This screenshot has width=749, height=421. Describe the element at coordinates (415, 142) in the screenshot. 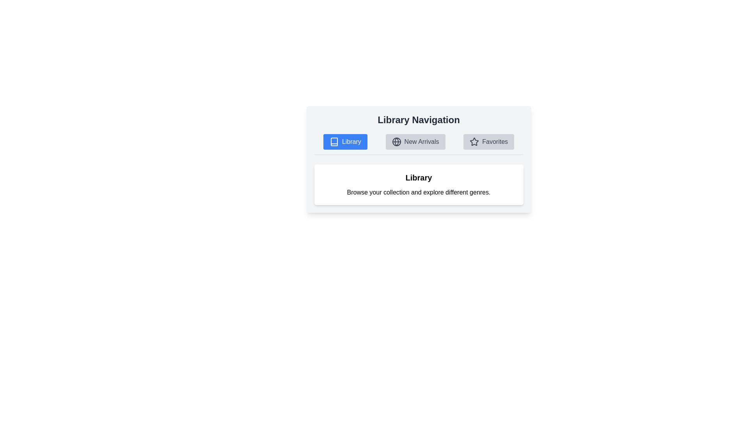

I see `the New Arrivals tab` at that location.